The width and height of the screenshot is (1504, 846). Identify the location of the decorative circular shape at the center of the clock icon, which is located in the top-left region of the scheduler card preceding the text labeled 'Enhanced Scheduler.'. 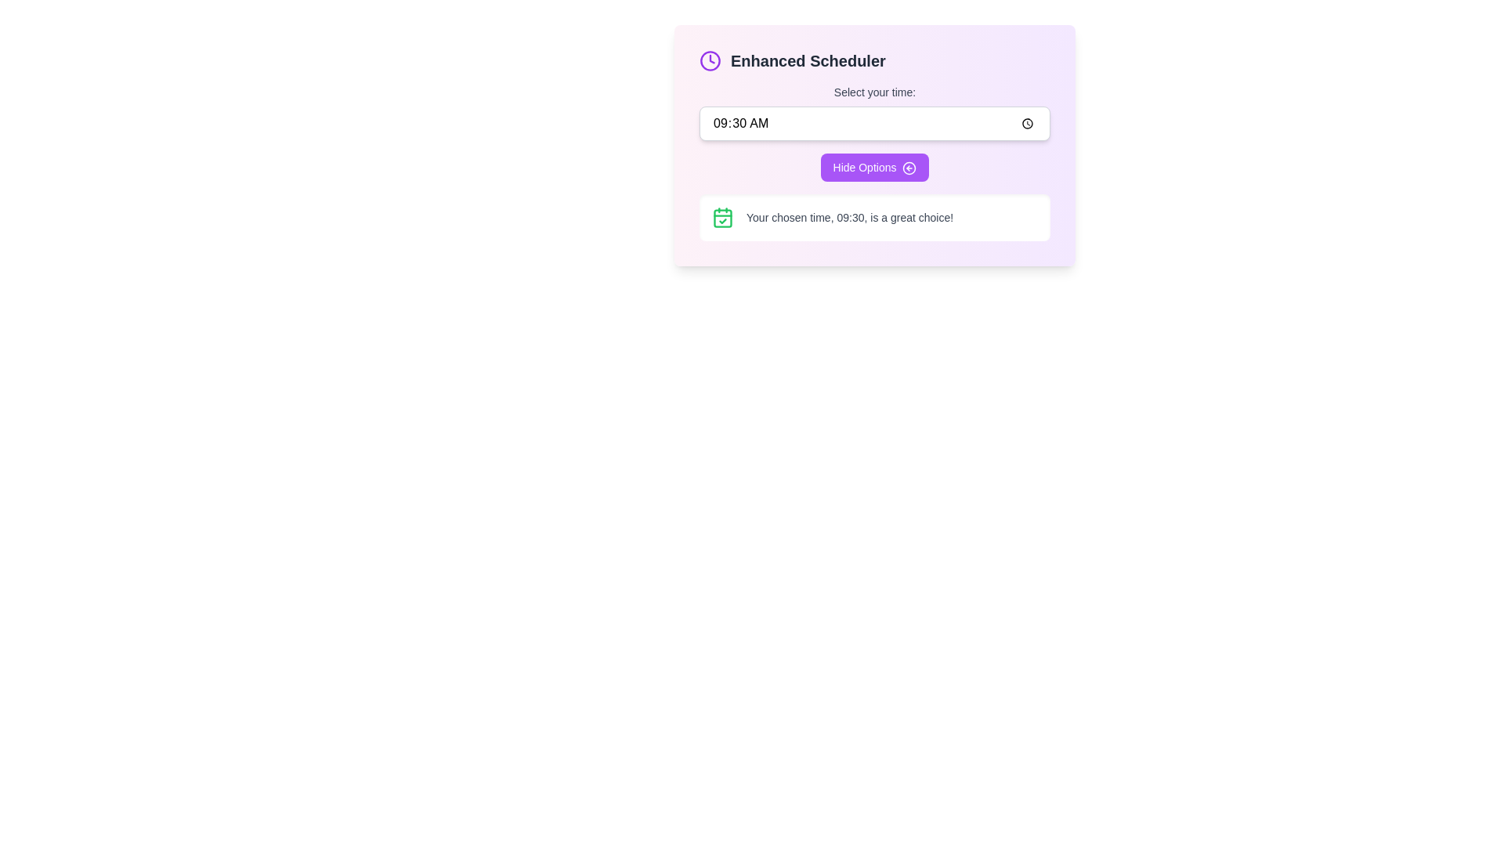
(710, 60).